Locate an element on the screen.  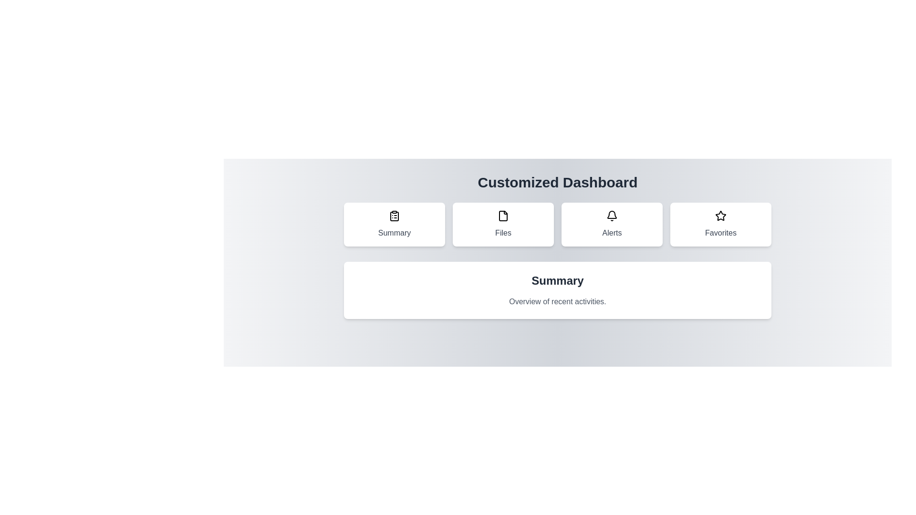
the Informational block located below the clickable tiles 'Summary,' 'Files,' 'Alerts,' and 'Favorites' on the Customized Dashboard is located at coordinates (558, 261).